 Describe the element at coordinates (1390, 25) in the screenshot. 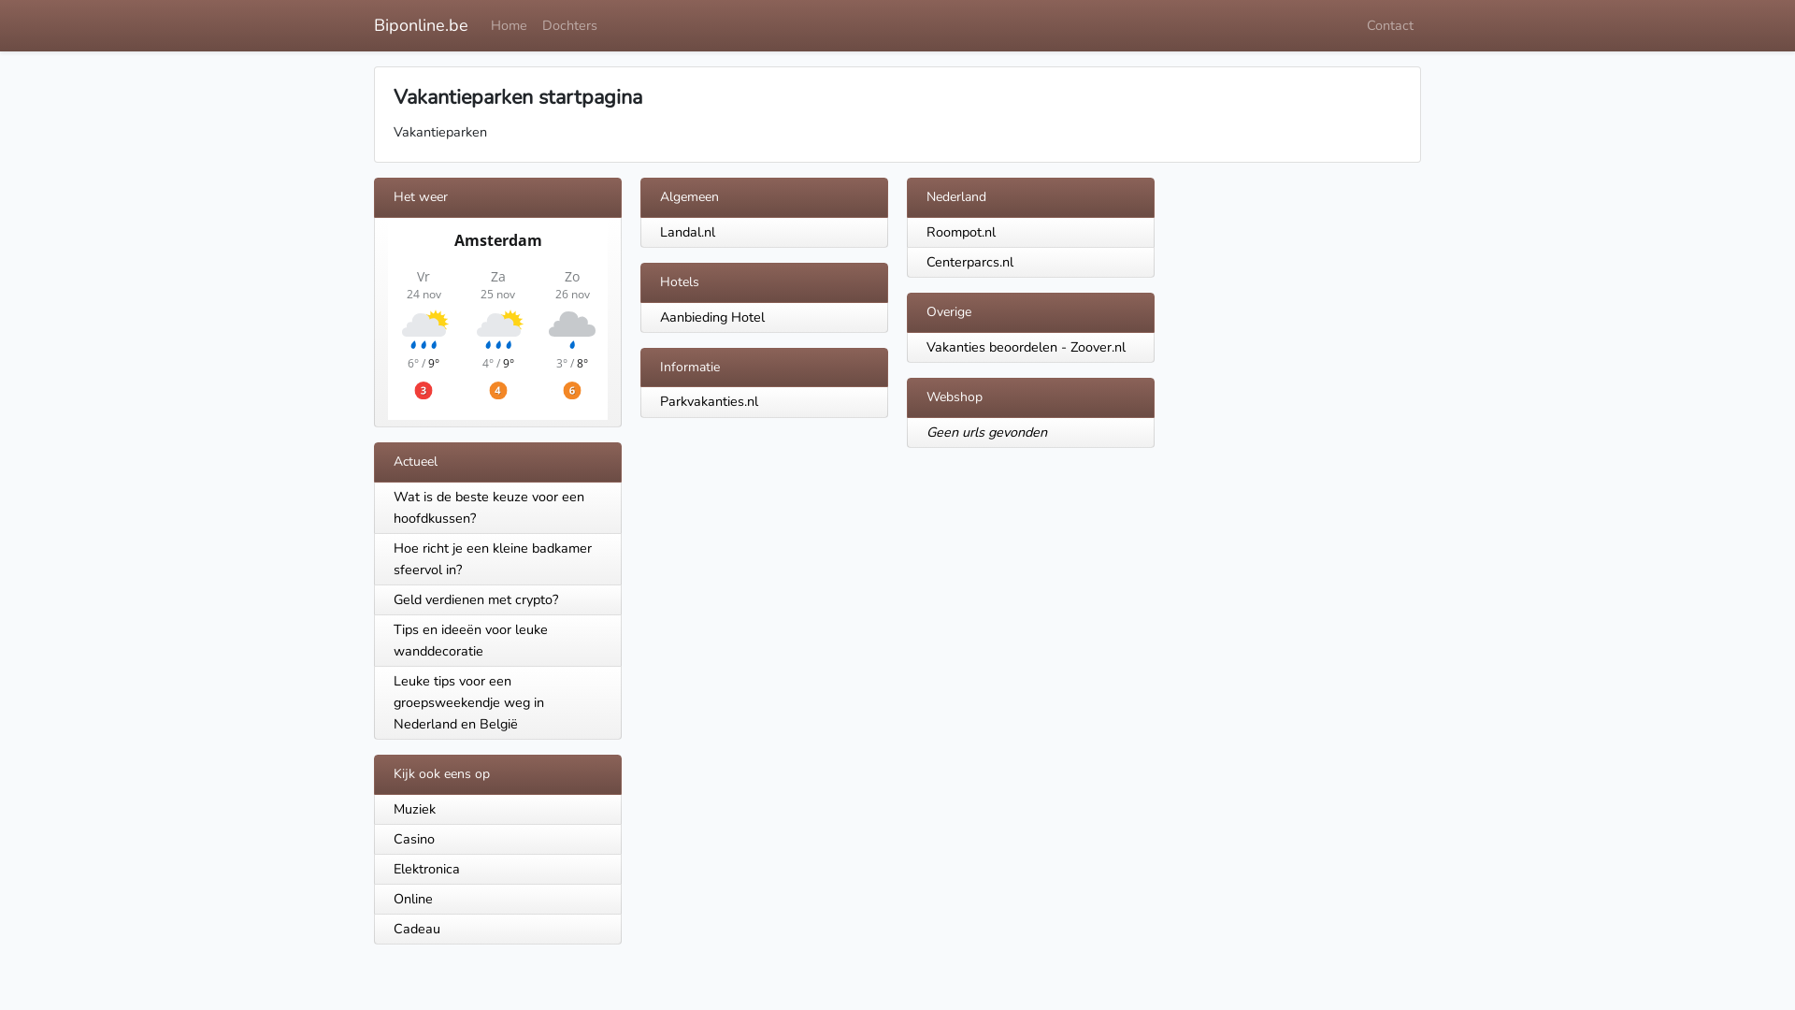

I see `'Contact'` at that location.